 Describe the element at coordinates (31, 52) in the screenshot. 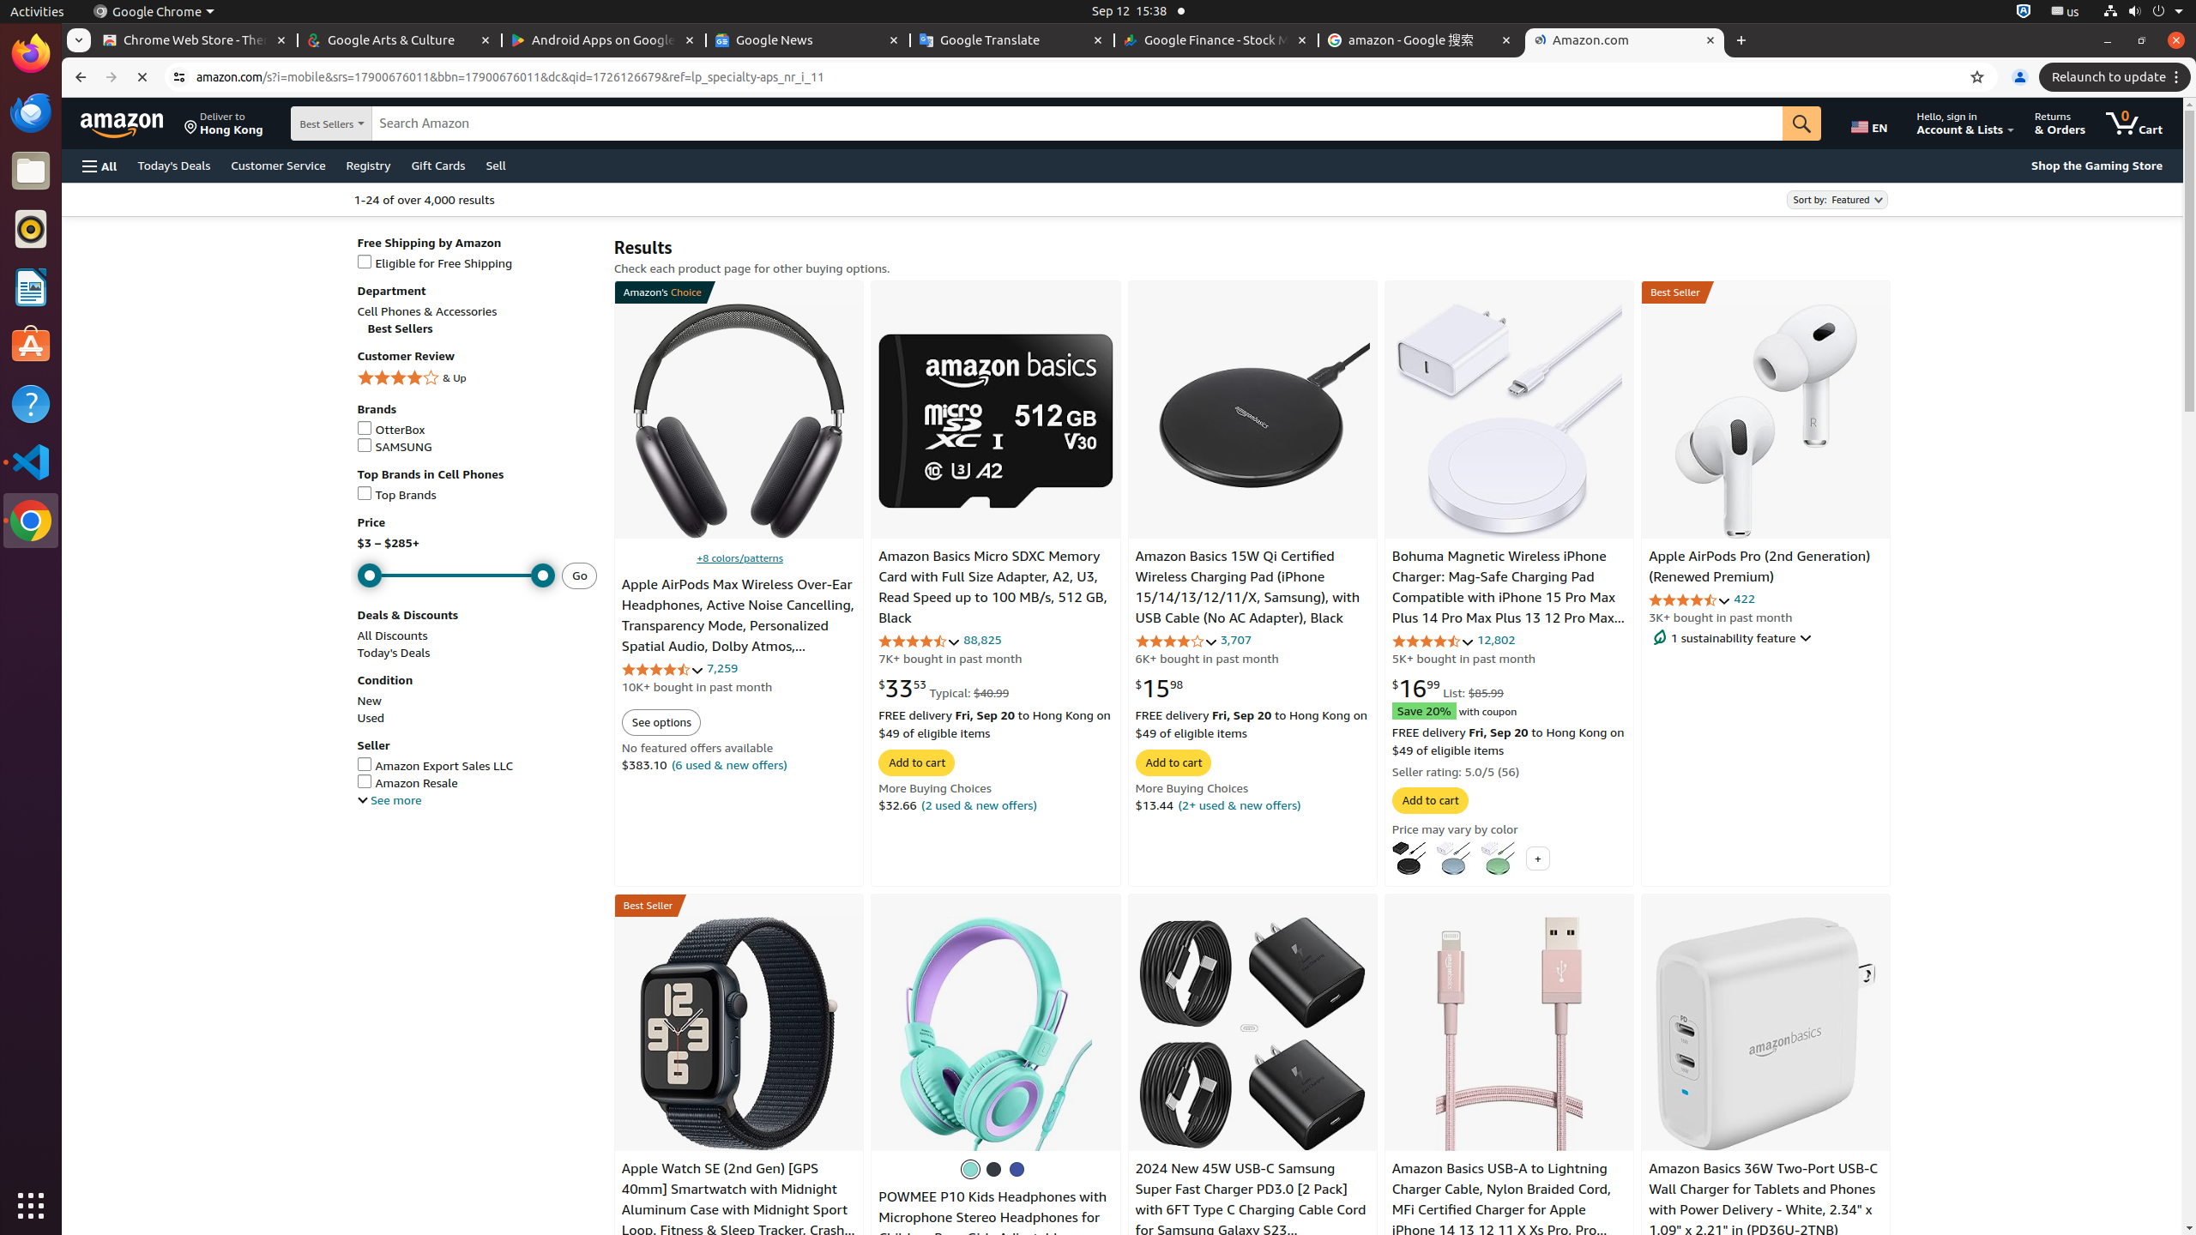

I see `'Firefox Web Browser'` at that location.